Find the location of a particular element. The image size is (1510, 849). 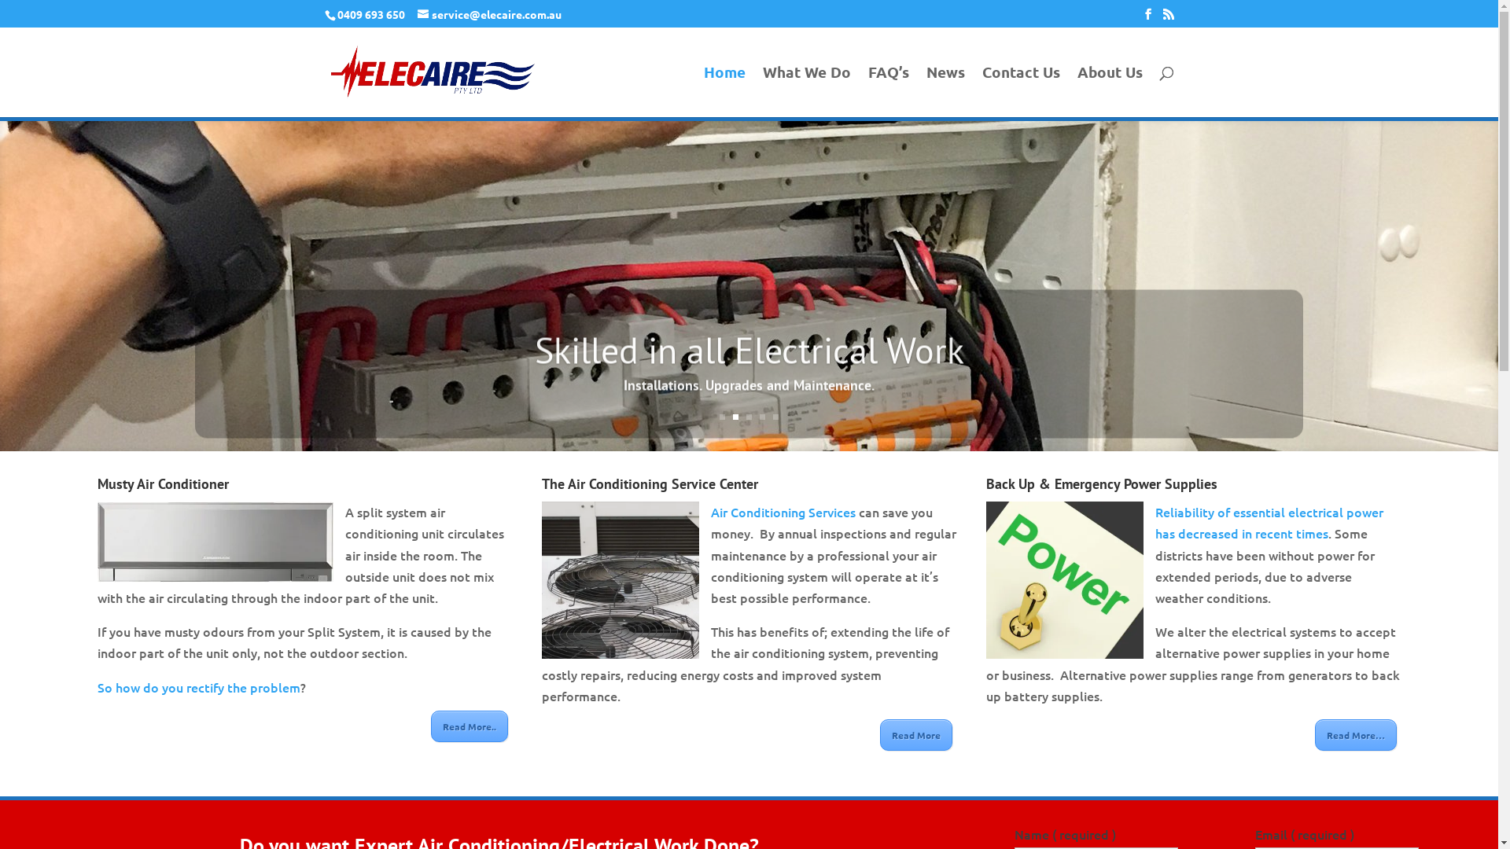

'2' is located at coordinates (731, 416).